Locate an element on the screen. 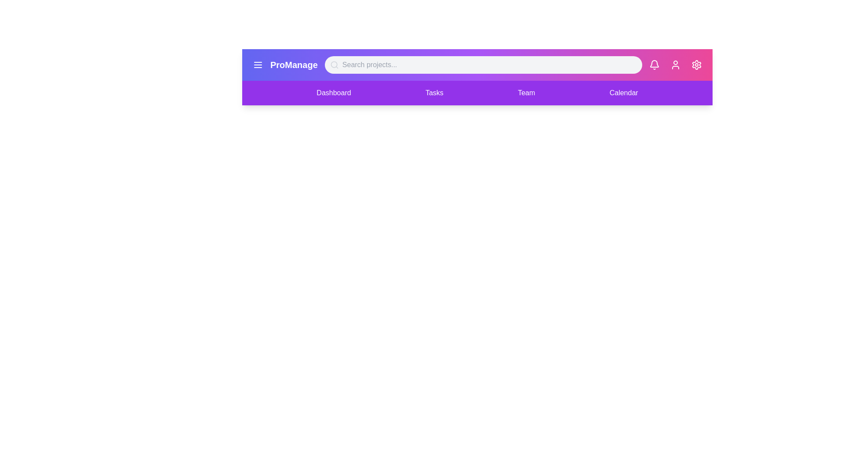  the user icon to access user profile options is located at coordinates (675, 64).